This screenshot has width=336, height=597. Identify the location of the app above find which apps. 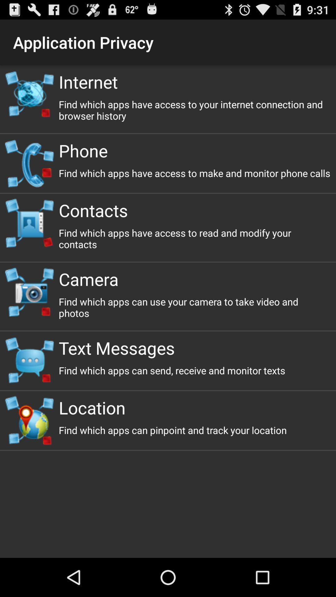
(194, 347).